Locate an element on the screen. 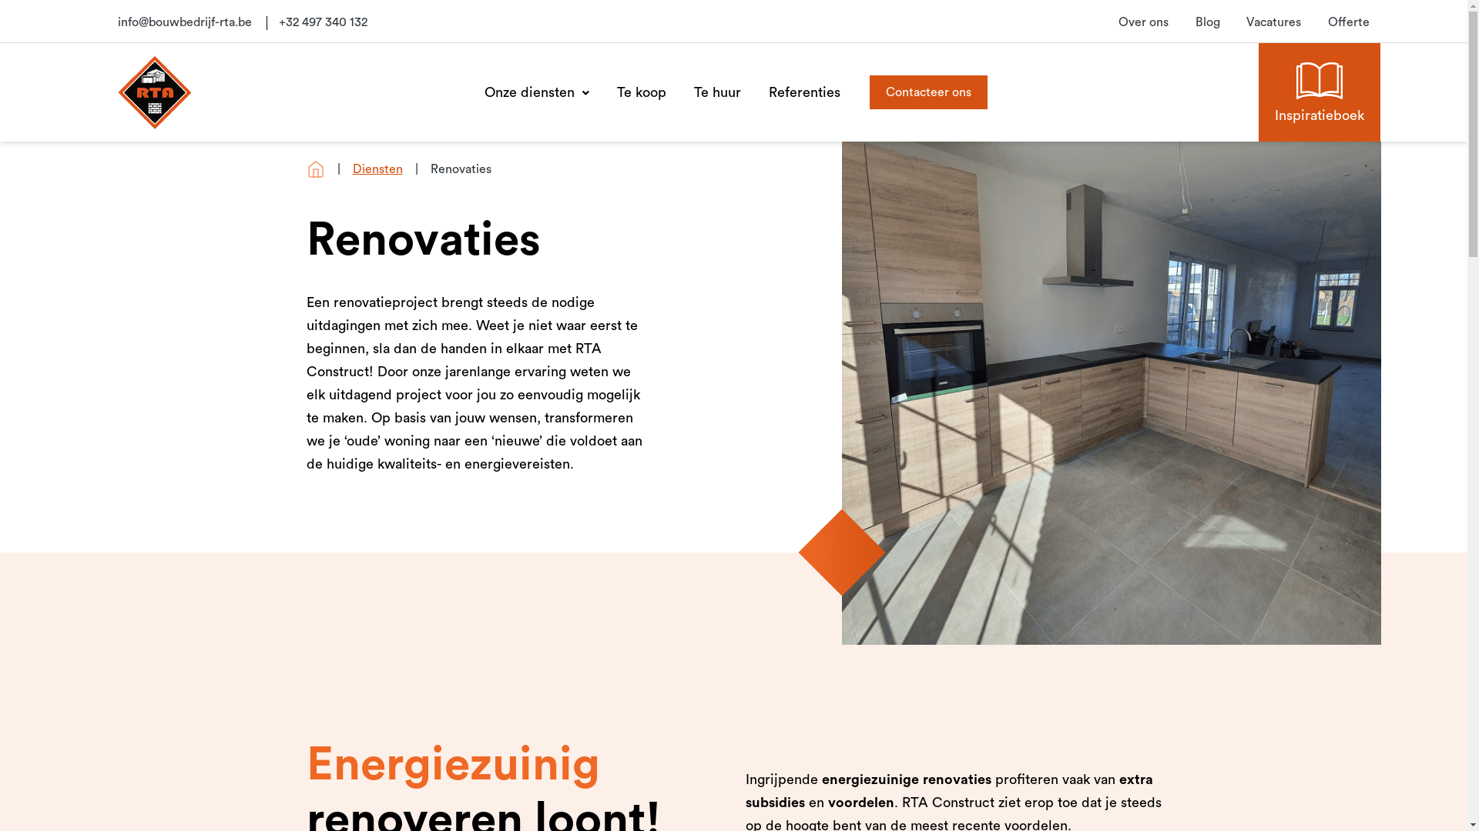 The width and height of the screenshot is (1479, 831). 'Te huur' is located at coordinates (716, 92).